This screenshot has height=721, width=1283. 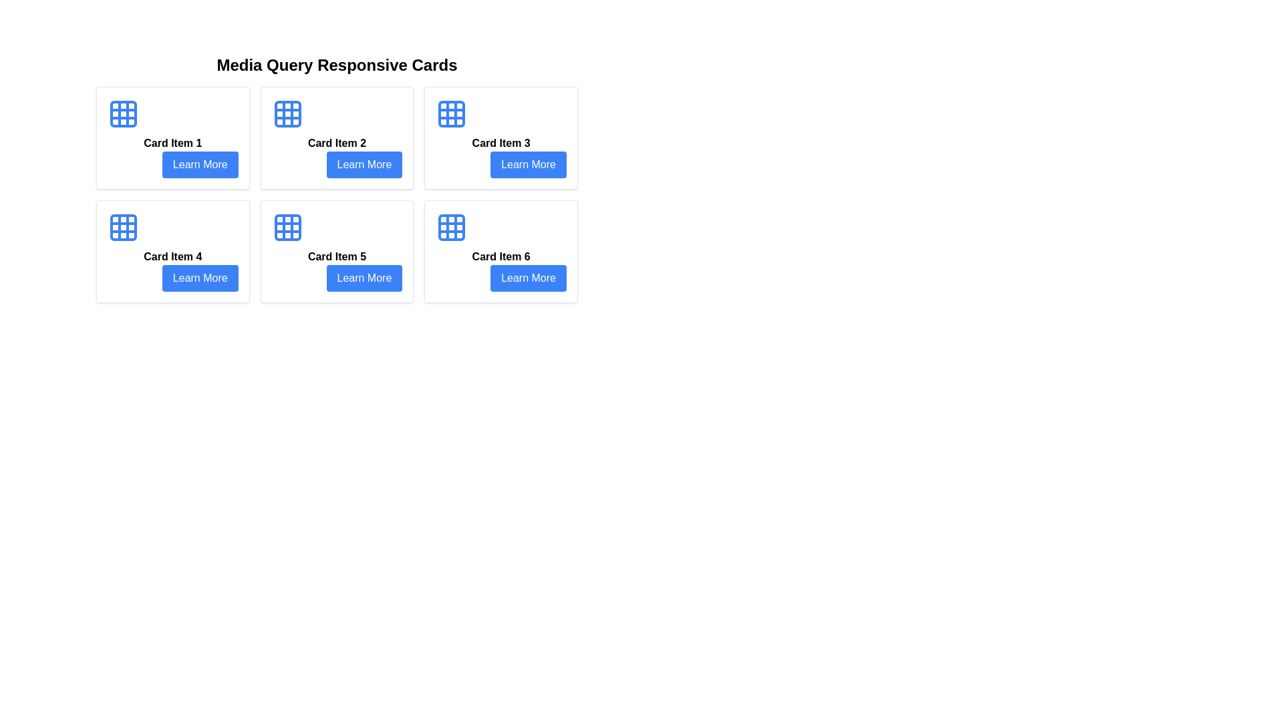 I want to click on the blue button labeled 'Learn More' at the bottom of 'Card Item 6' to activate its hover effect, so click(x=528, y=277).